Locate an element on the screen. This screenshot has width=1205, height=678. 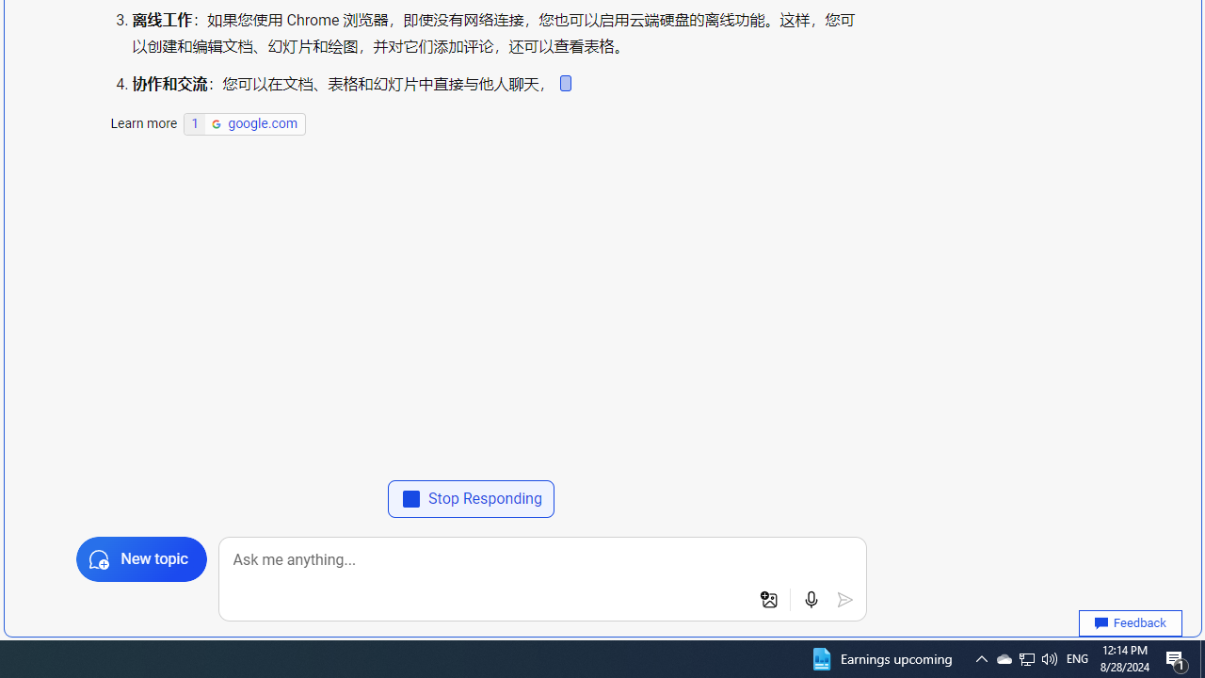
'Add an image to search' is located at coordinates (768, 600).